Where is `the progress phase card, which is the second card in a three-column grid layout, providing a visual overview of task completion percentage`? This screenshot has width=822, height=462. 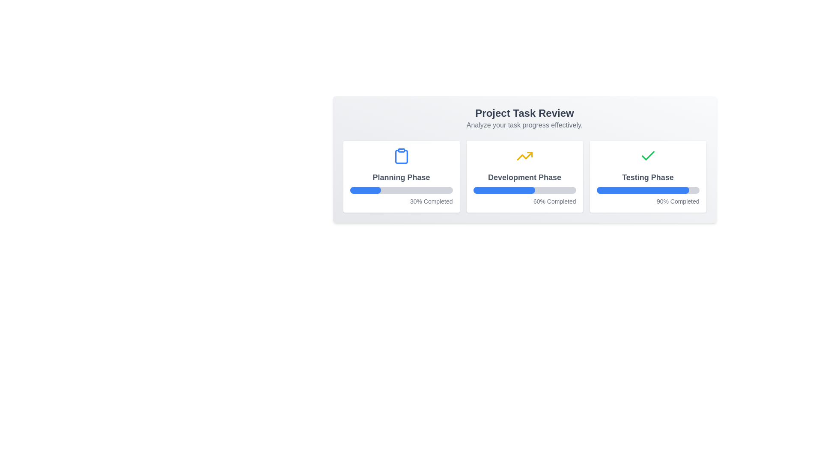 the progress phase card, which is the second card in a three-column grid layout, providing a visual overview of task completion percentage is located at coordinates (524, 176).